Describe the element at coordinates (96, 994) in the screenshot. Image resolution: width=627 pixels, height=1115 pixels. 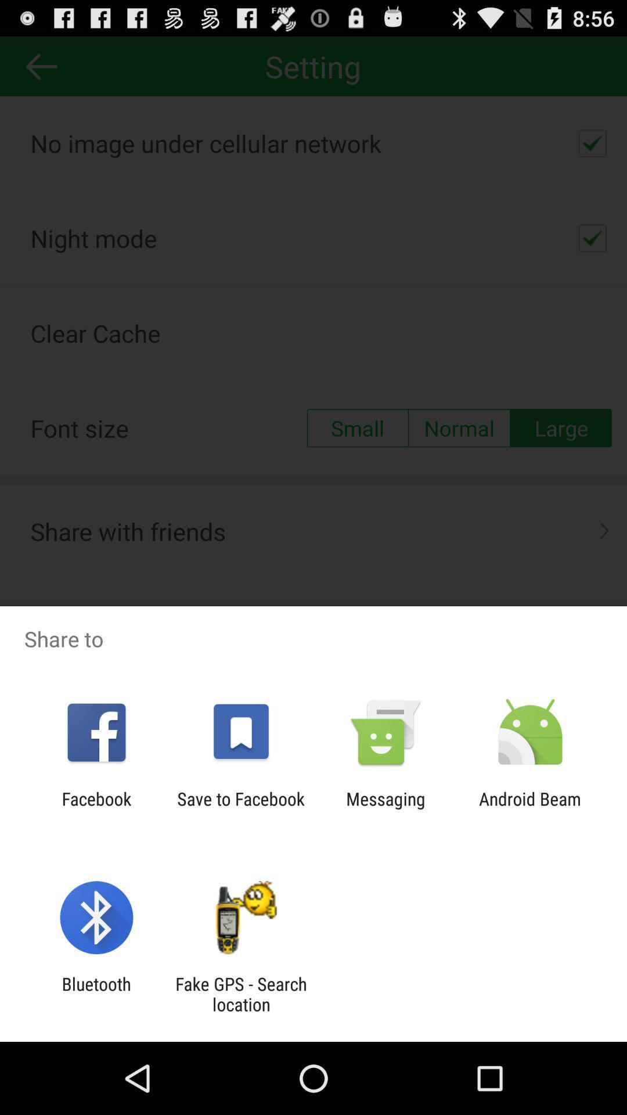
I see `app next to fake gps search app` at that location.